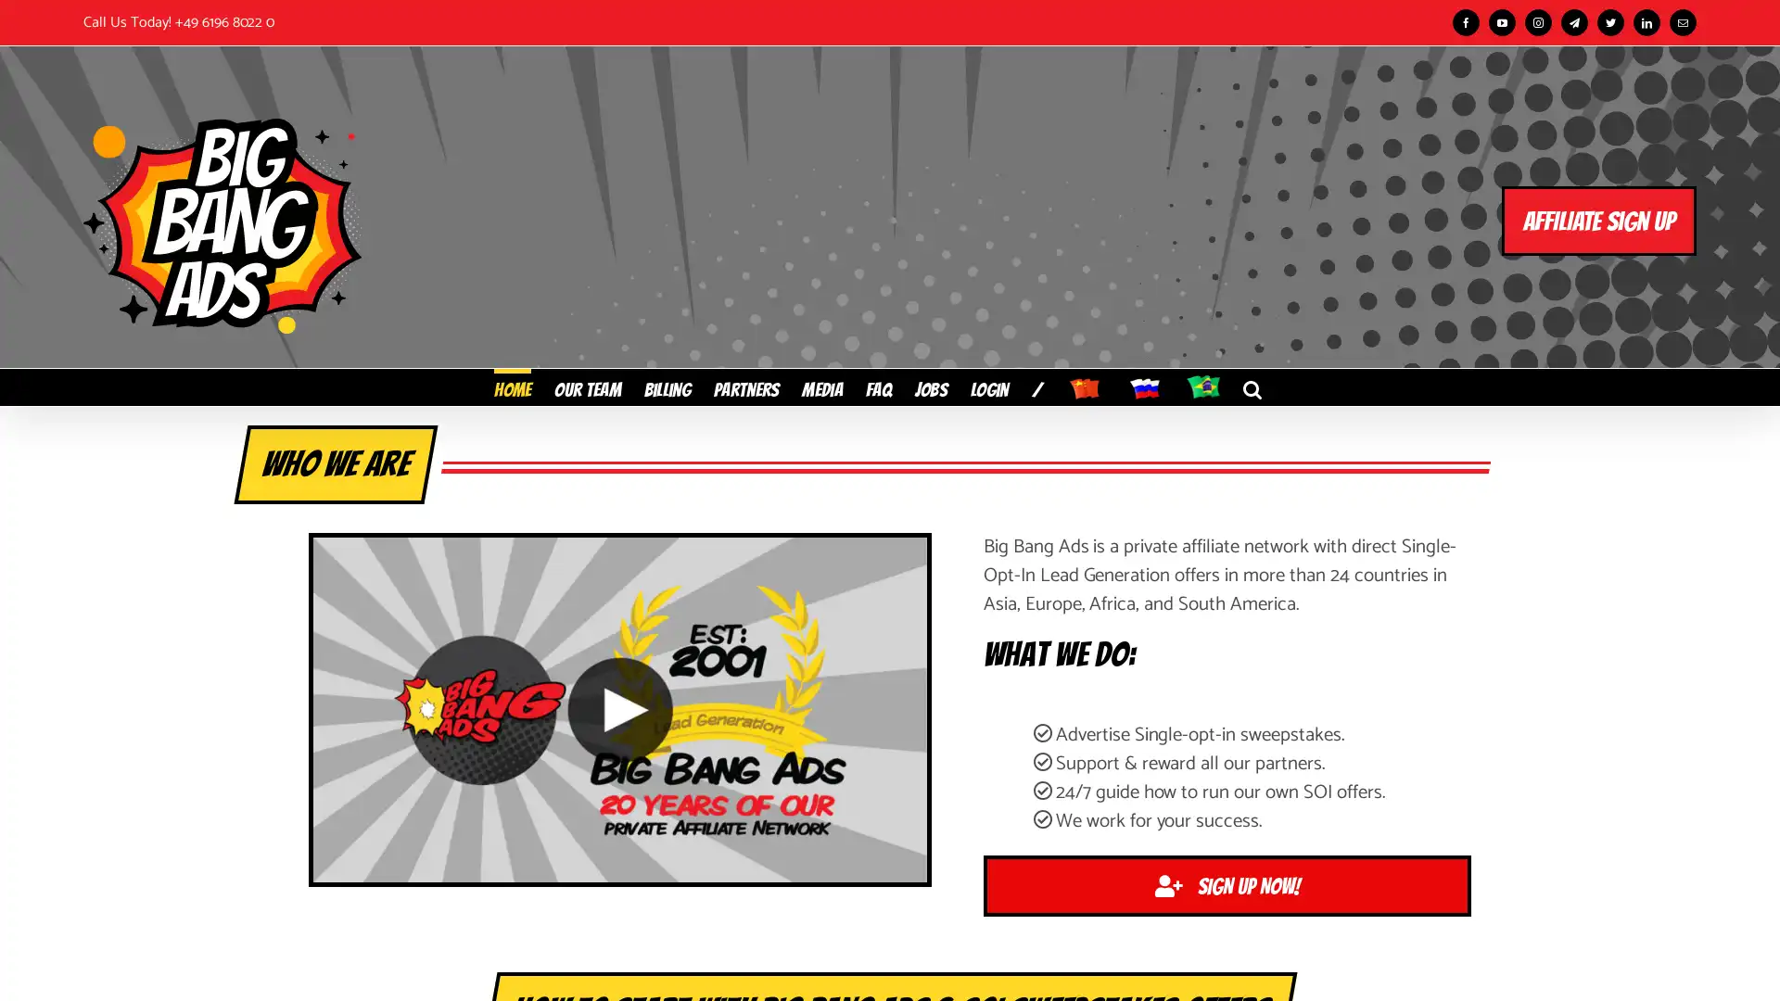  I want to click on Search, so click(1252, 385).